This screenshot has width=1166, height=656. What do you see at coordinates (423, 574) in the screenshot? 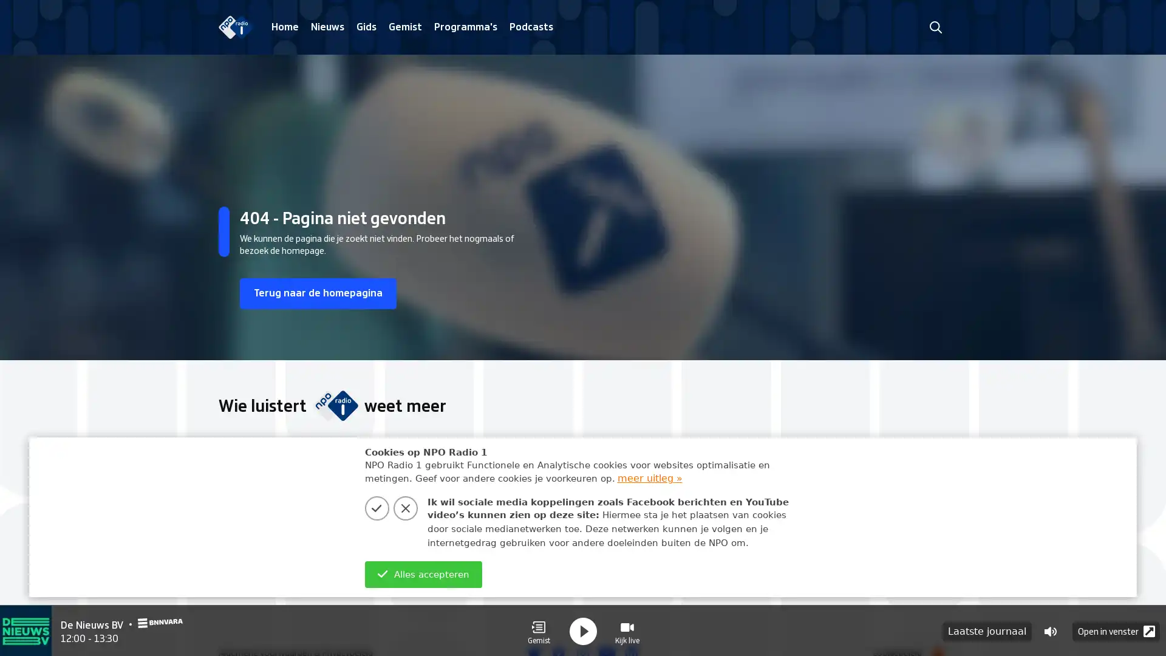
I see `Alles accepteren` at bounding box center [423, 574].